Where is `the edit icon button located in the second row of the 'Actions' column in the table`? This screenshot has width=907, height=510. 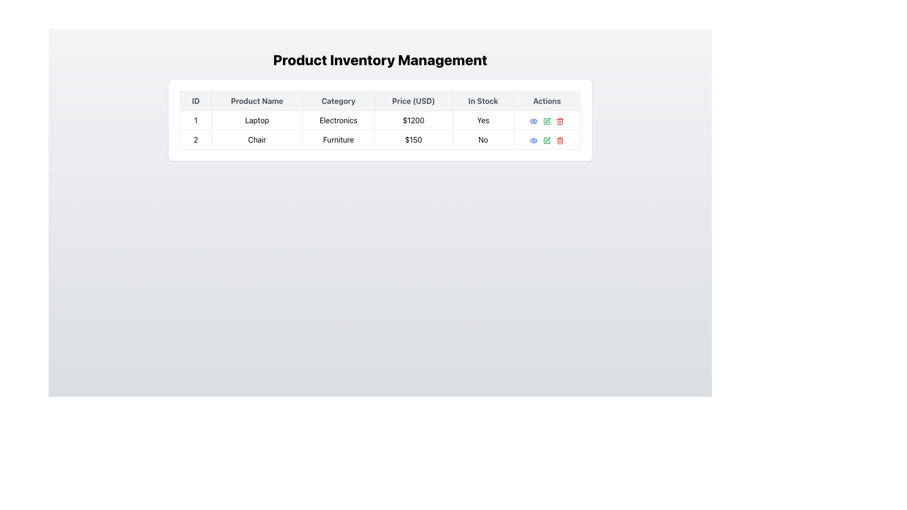
the edit icon button located in the second row of the 'Actions' column in the table is located at coordinates (548, 139).